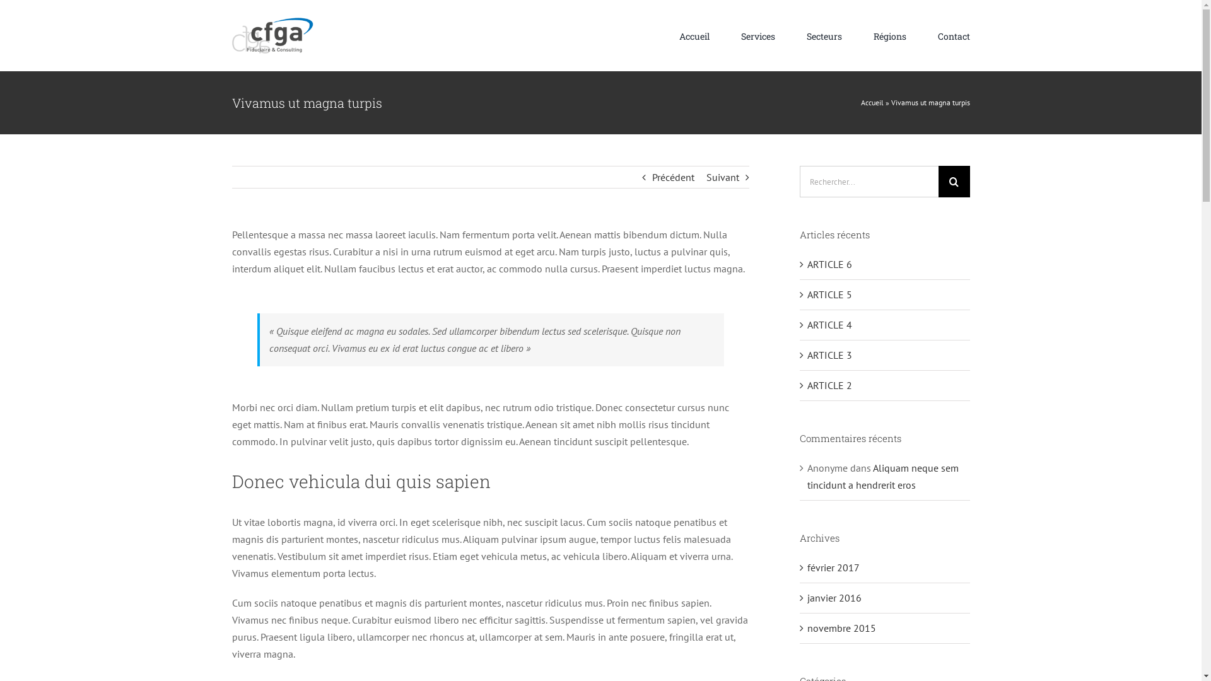 The width and height of the screenshot is (1211, 681). What do you see at coordinates (805, 35) in the screenshot?
I see `'Secteurs'` at bounding box center [805, 35].